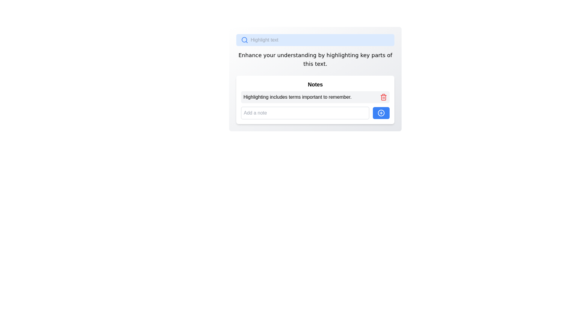 This screenshot has width=575, height=323. I want to click on the interface marker located at the center of the word 'text' in the displayed phrase, which serves as a visual indicator or point of interaction, so click(314, 64).